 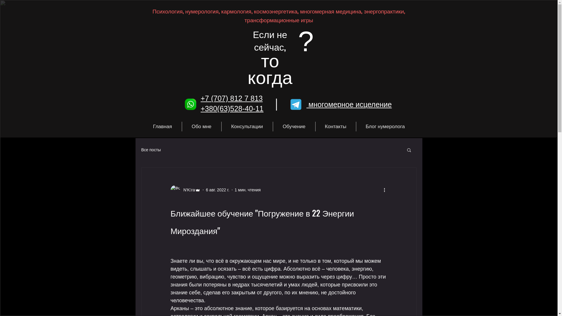 What do you see at coordinates (232, 98) in the screenshot?
I see `'+7 (707) 812 7 813'` at bounding box center [232, 98].